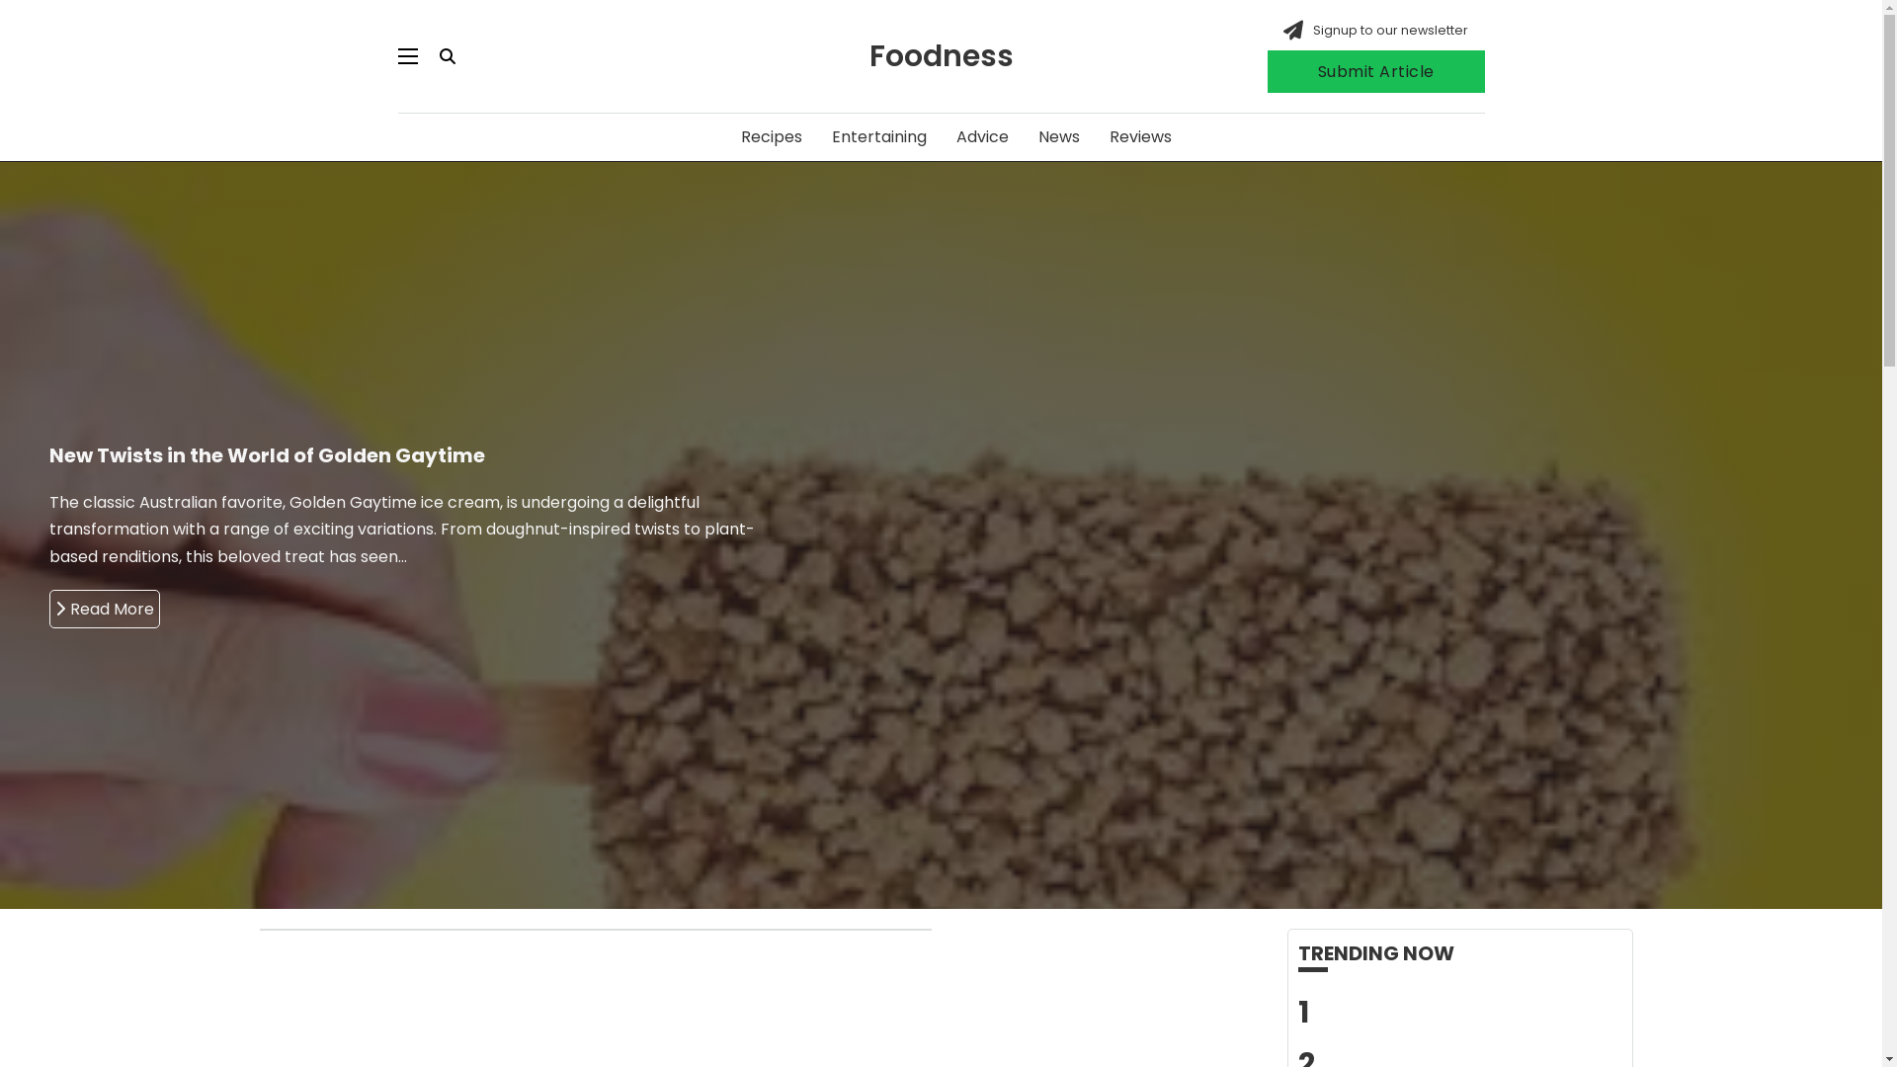  Describe the element at coordinates (1139, 135) in the screenshot. I see `'Reviews'` at that location.